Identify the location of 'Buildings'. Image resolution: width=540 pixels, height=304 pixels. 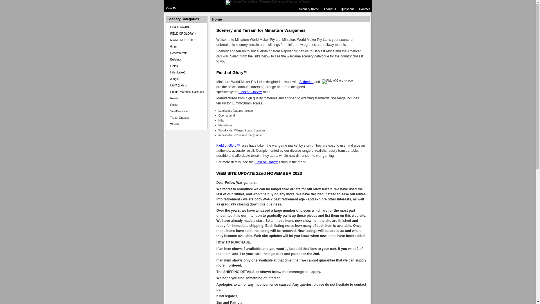
(176, 59).